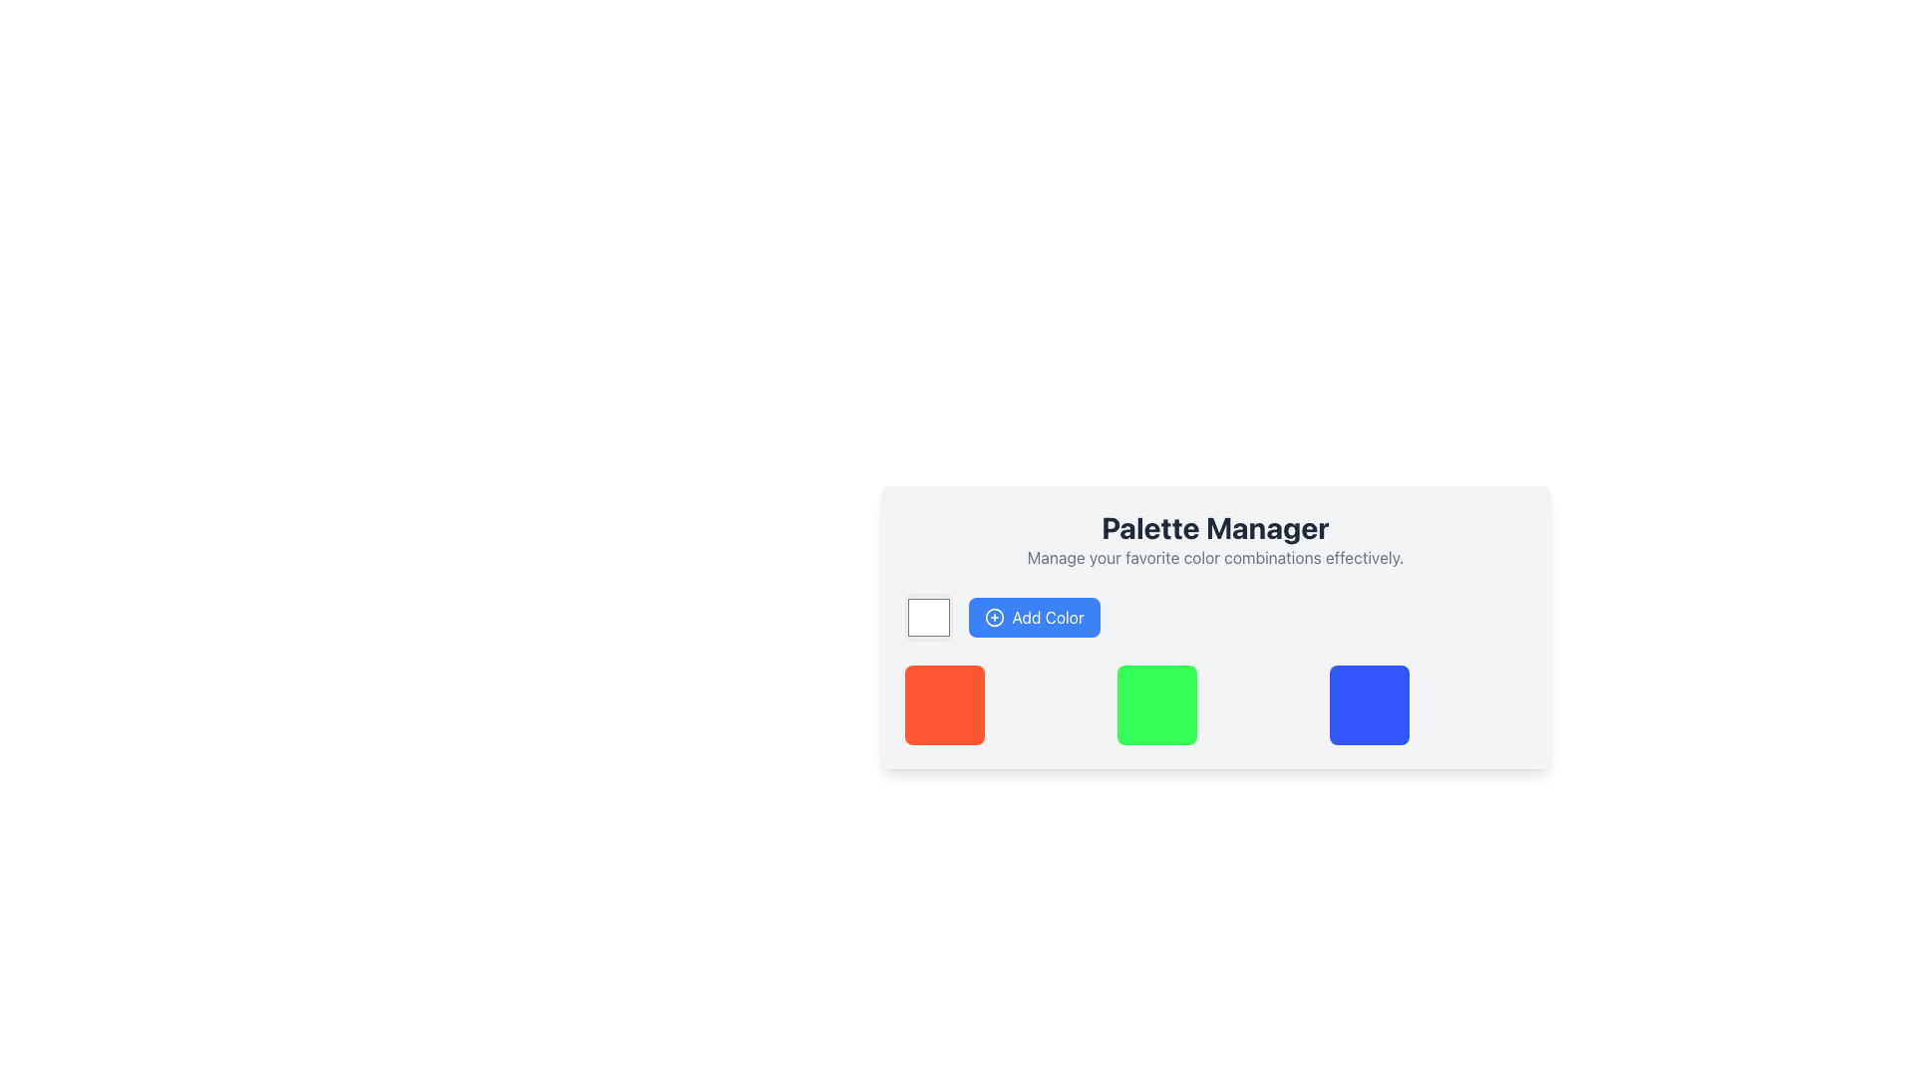 The width and height of the screenshot is (1914, 1076). Describe the element at coordinates (1214, 557) in the screenshot. I see `the static text element that provides guidance related to the 'Palette Manager' feature, located directly below the 'Palette Manager' title` at that location.